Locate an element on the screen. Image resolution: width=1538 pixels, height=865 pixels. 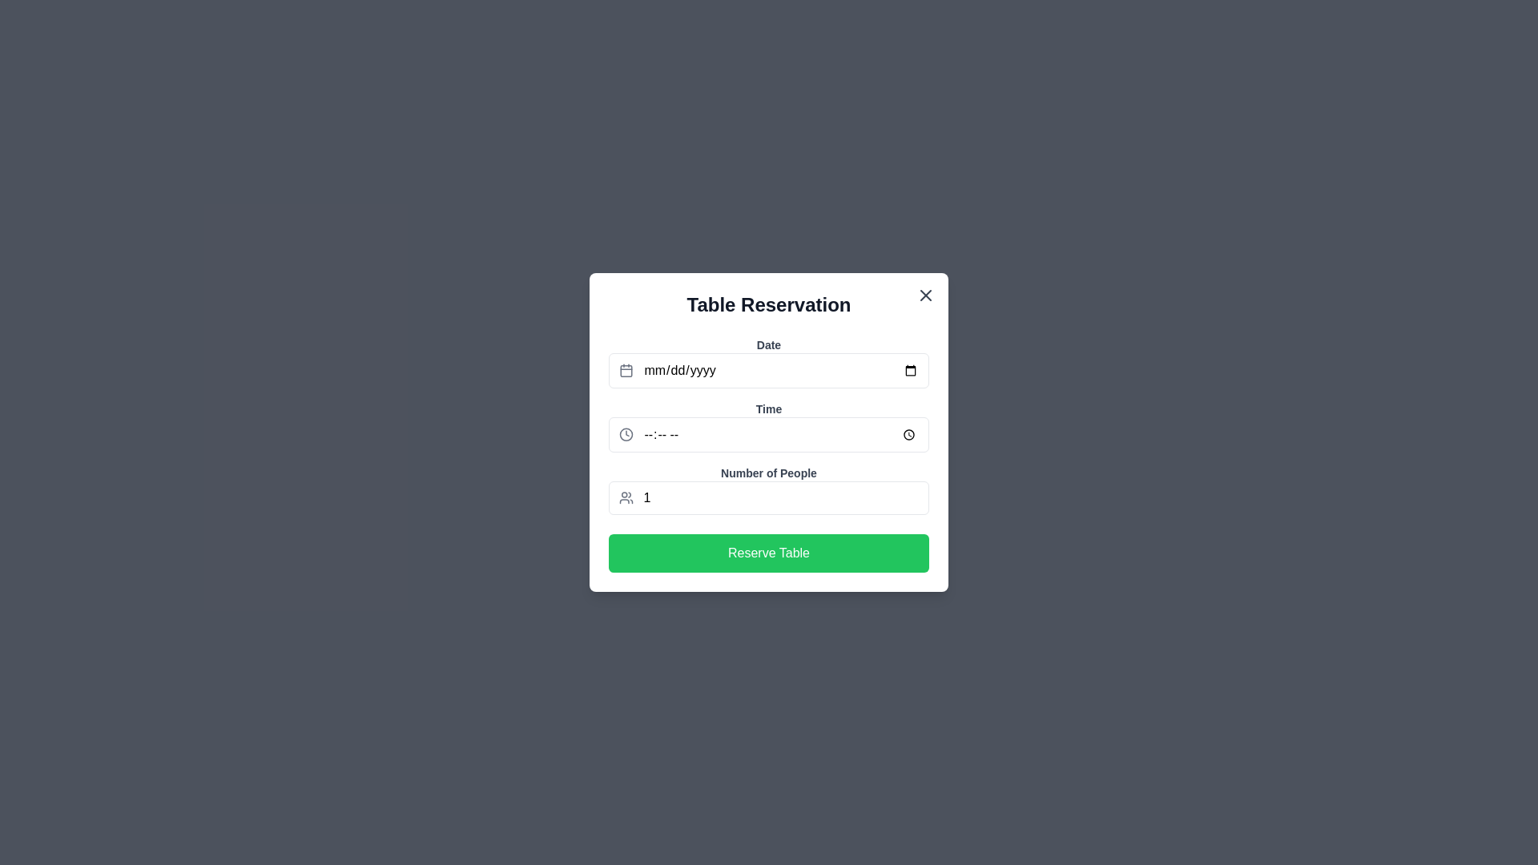
the 'X' icon button in the top-right corner of the 'Table Reservation' dialog is located at coordinates (926, 296).